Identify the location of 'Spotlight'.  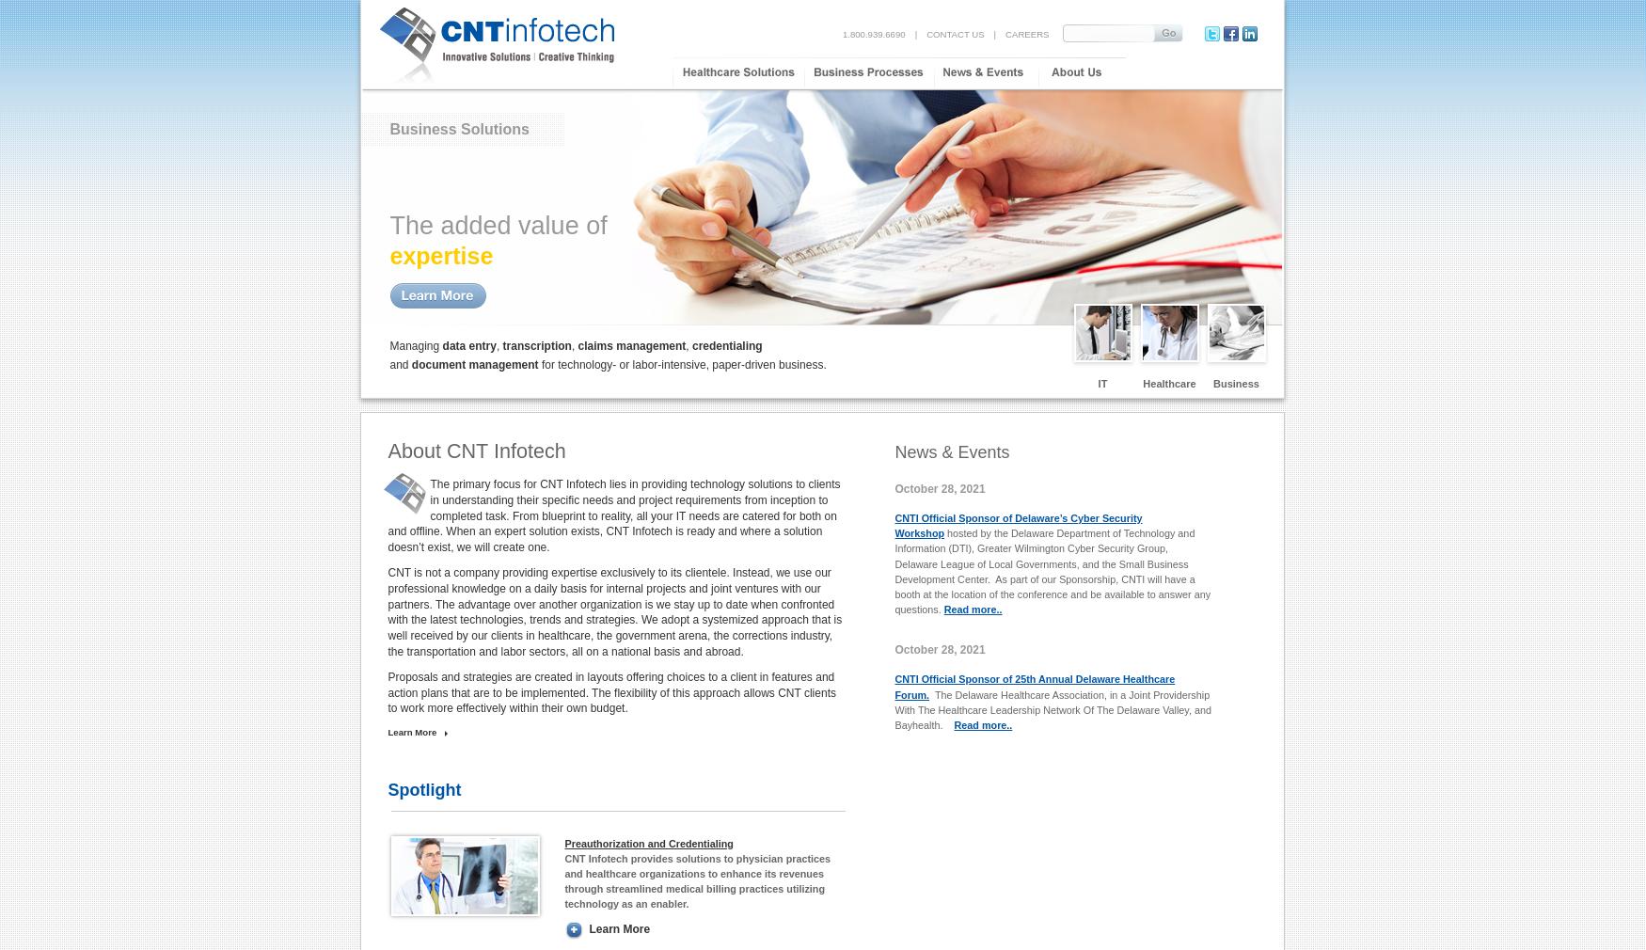
(423, 789).